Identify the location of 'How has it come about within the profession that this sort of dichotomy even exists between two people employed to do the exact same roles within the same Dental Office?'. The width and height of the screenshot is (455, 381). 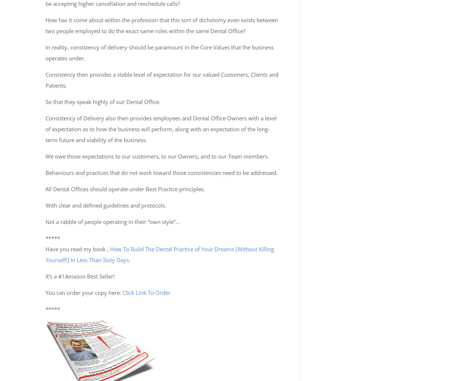
(161, 25).